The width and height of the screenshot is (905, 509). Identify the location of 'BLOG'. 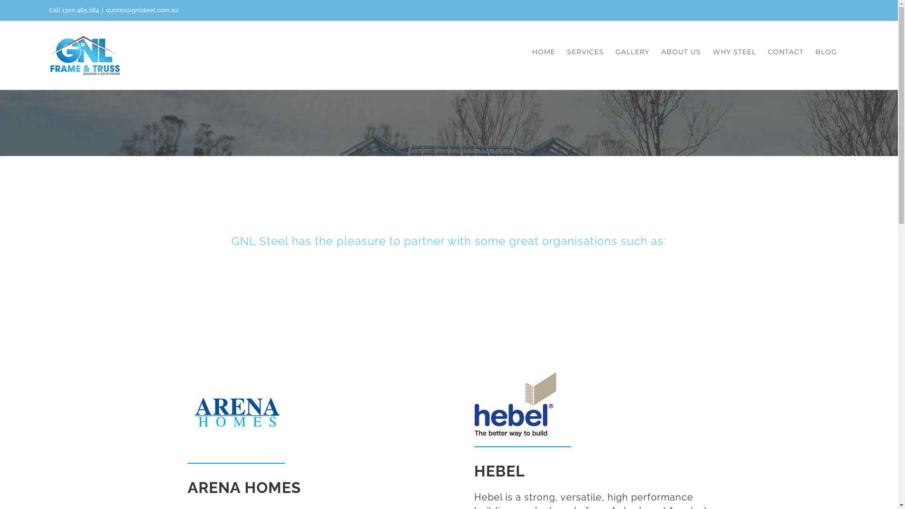
(814, 52).